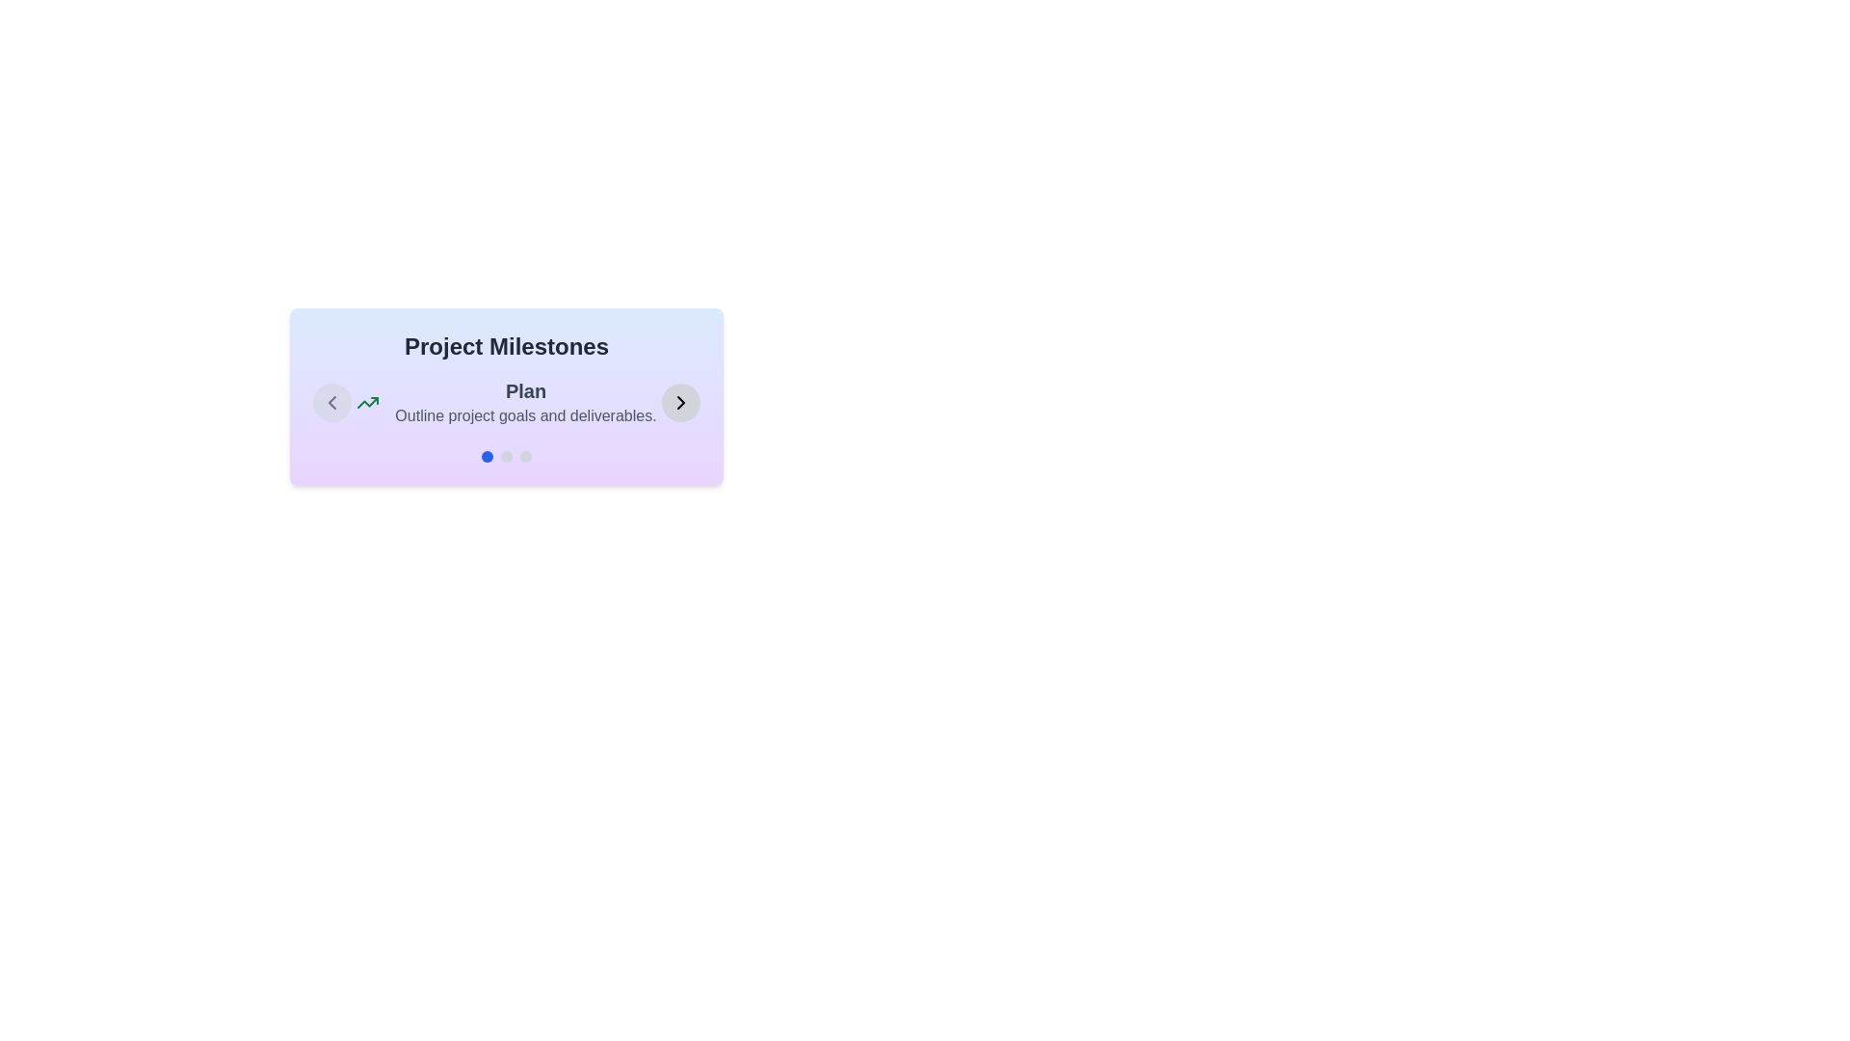 The width and height of the screenshot is (1850, 1041). What do you see at coordinates (332, 401) in the screenshot?
I see `the left arrow to navigate milestones` at bounding box center [332, 401].